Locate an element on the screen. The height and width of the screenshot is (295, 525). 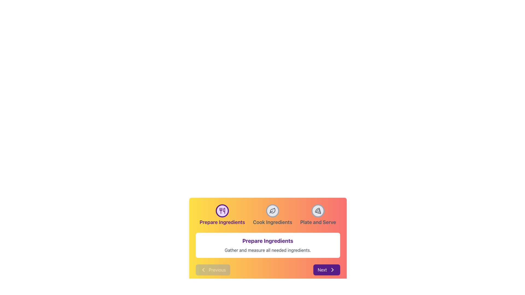
the Step indicator navigation button located in the middle section of the interface is located at coordinates (268, 215).